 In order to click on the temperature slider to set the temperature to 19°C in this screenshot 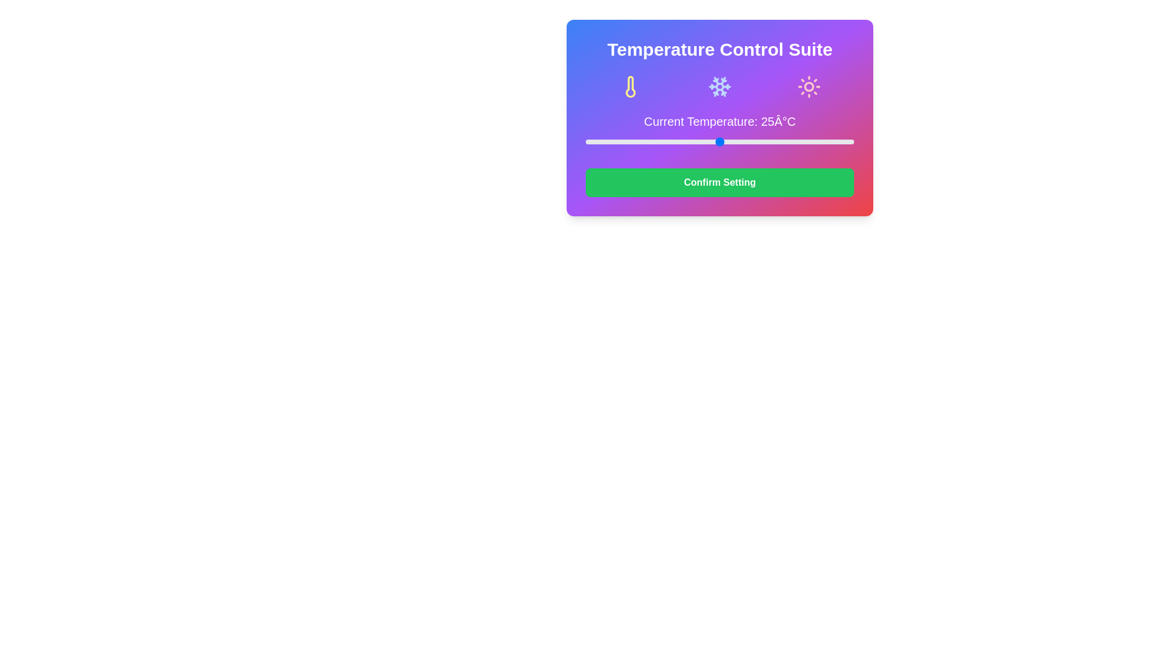, I will do `click(688, 141)`.